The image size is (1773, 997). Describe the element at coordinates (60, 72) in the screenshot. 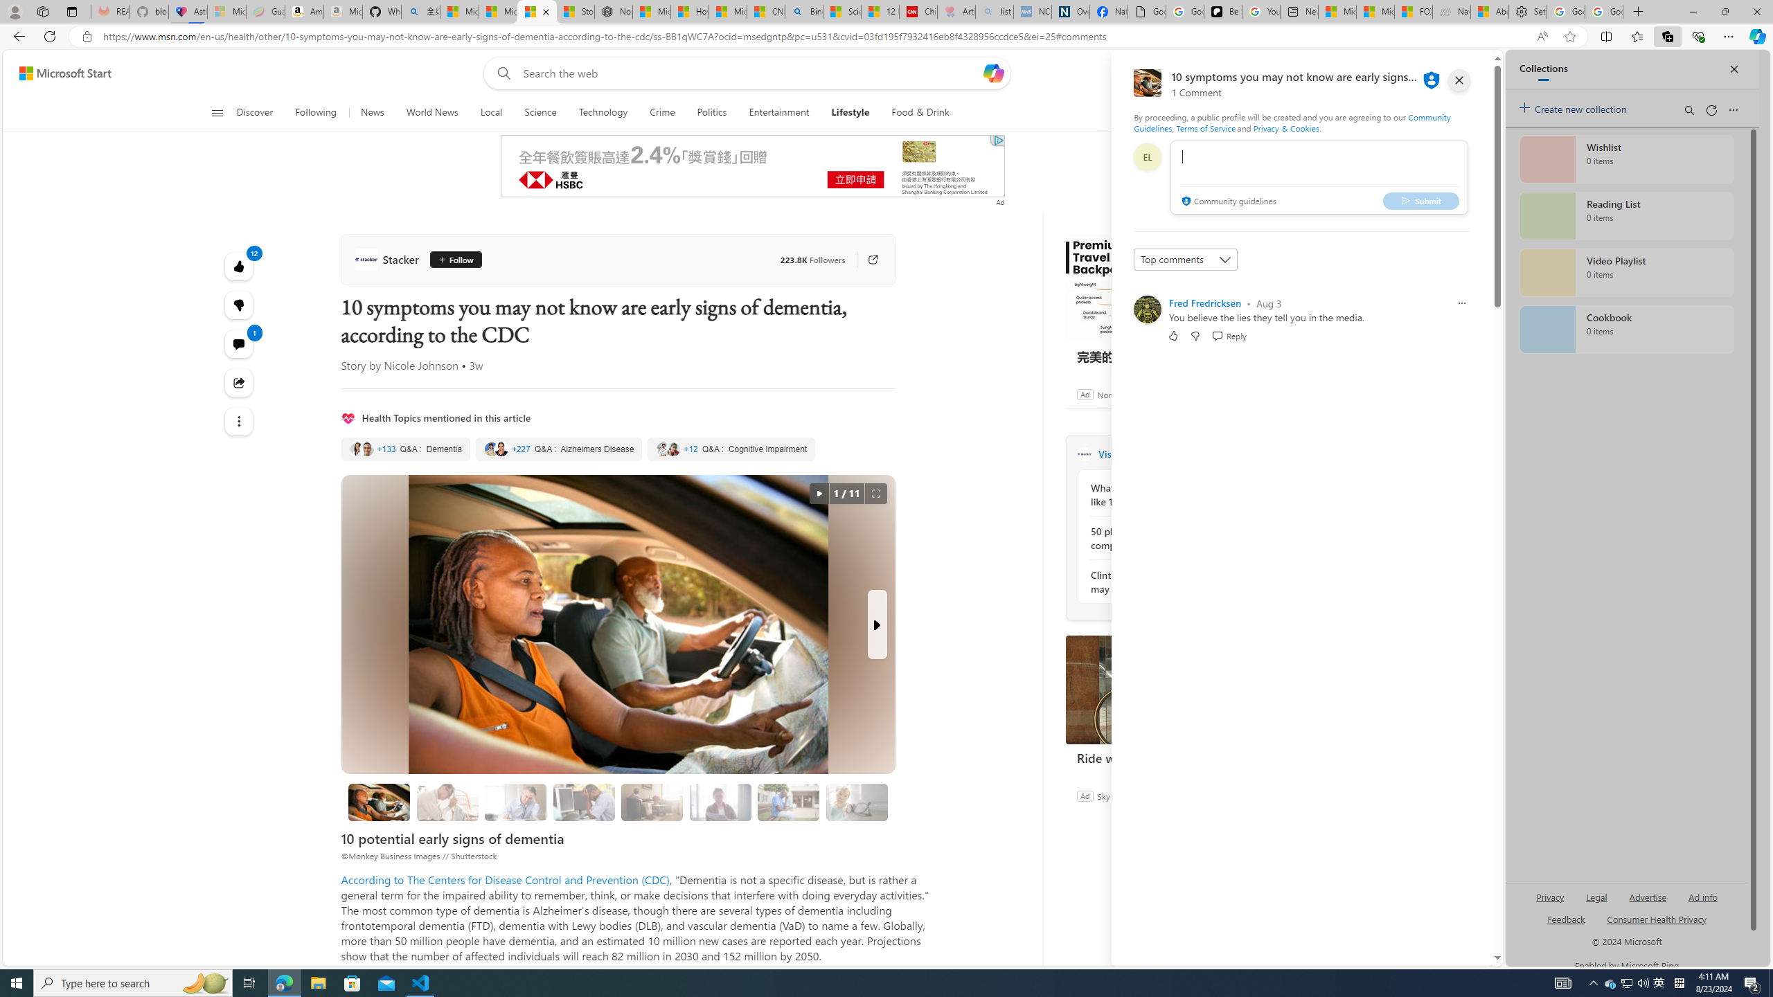

I see `'Skip to content'` at that location.